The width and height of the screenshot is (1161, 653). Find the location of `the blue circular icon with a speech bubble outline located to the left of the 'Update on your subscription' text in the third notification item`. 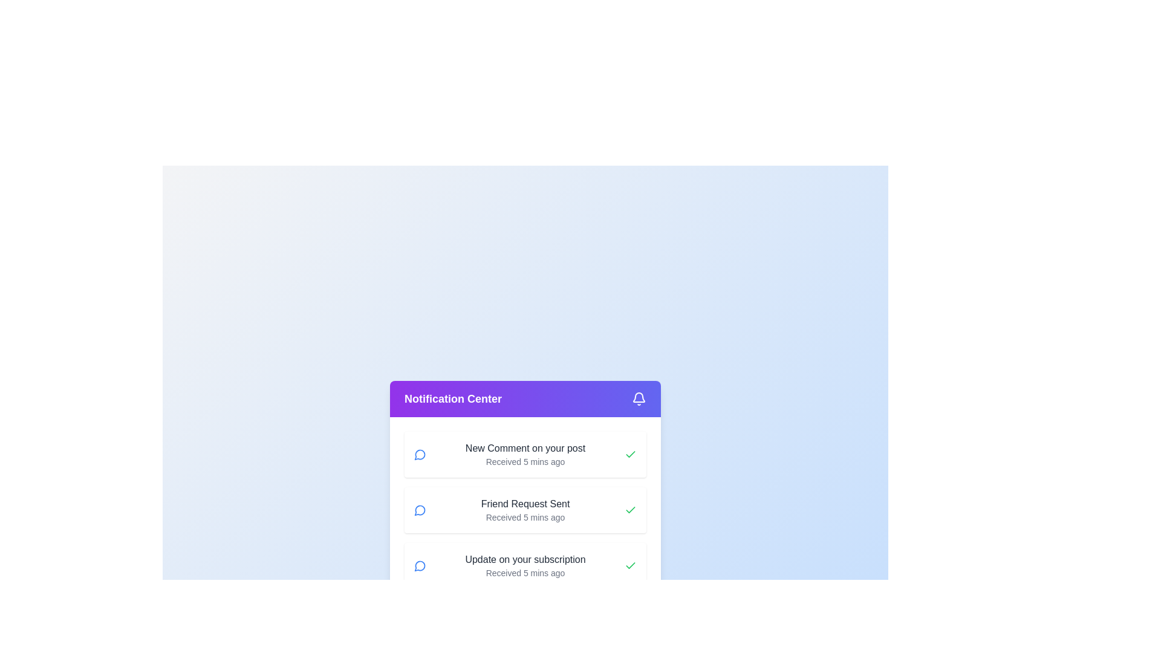

the blue circular icon with a speech bubble outline located to the left of the 'Update on your subscription' text in the third notification item is located at coordinates (420, 566).